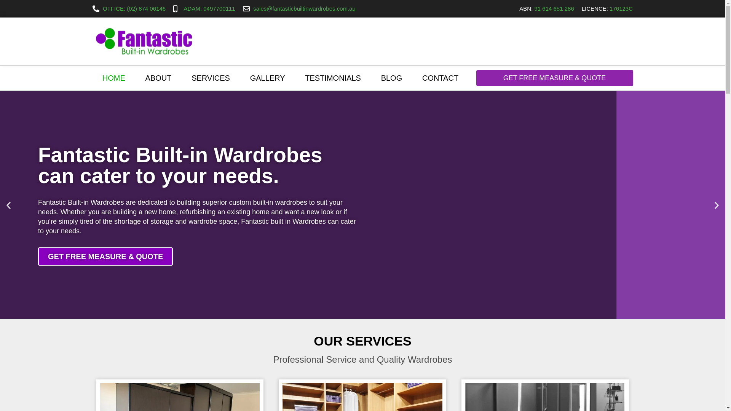 Image resolution: width=731 pixels, height=411 pixels. What do you see at coordinates (204, 9) in the screenshot?
I see `'ADAM: 0497700111'` at bounding box center [204, 9].